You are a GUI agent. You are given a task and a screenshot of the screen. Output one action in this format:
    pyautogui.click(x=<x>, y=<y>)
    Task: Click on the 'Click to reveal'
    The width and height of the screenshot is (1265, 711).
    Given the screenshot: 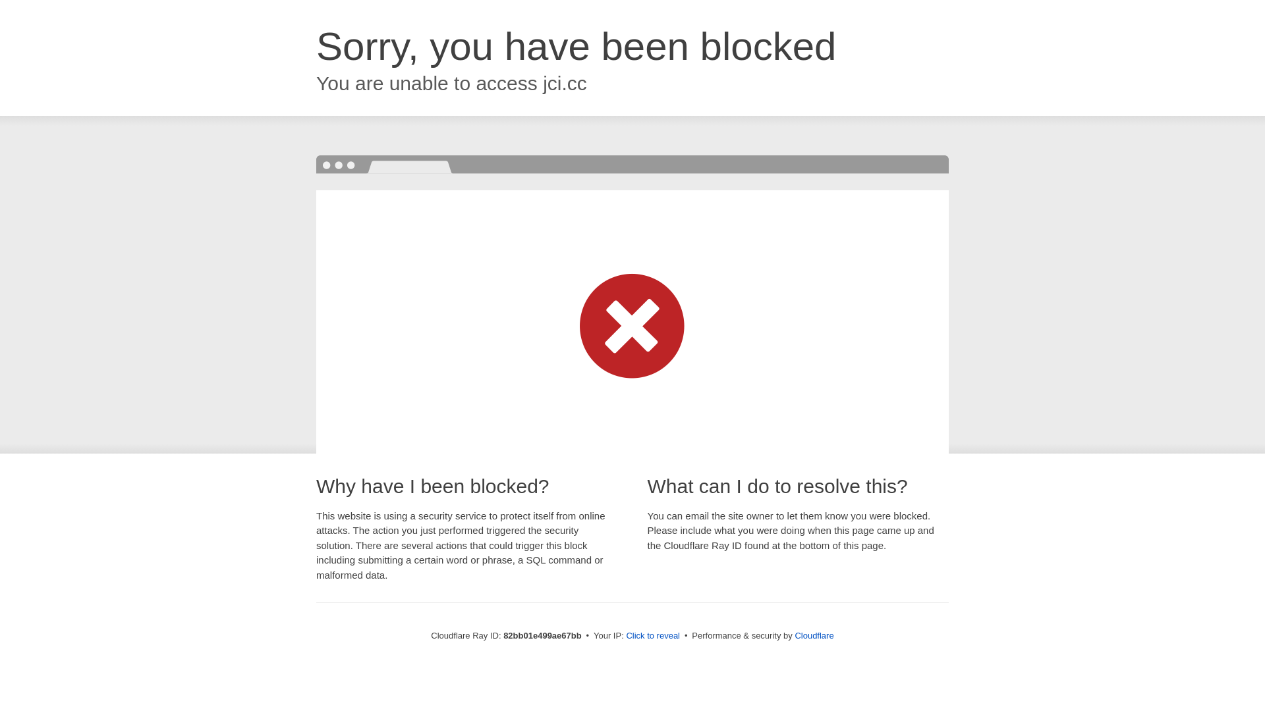 What is the action you would take?
    pyautogui.click(x=652, y=635)
    